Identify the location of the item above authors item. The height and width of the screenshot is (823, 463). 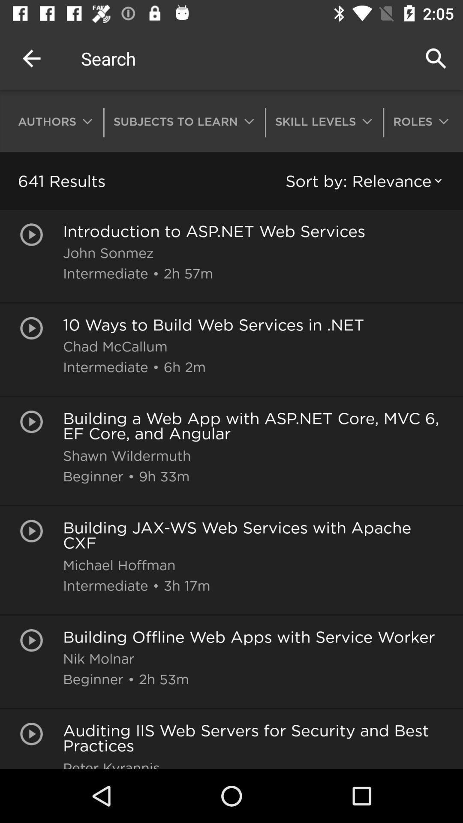
(31, 58).